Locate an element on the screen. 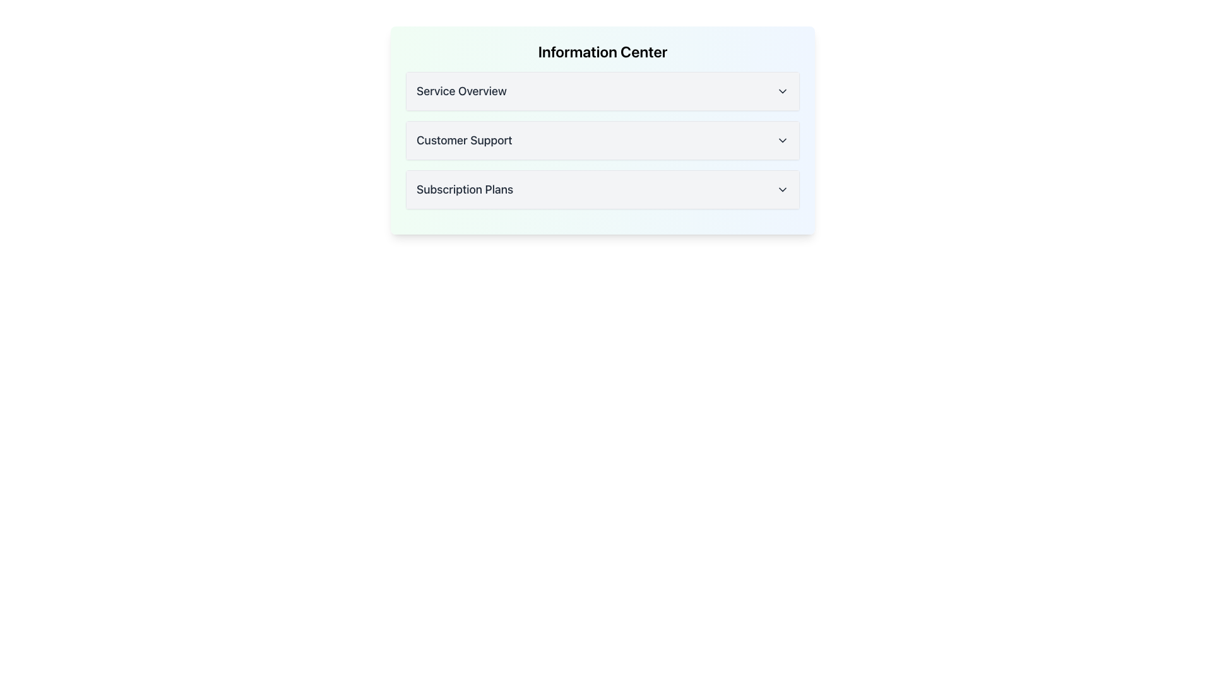 The width and height of the screenshot is (1212, 681). the collapsible list item titled 'Customer Support' within the 'Information Center' section is located at coordinates (602, 131).